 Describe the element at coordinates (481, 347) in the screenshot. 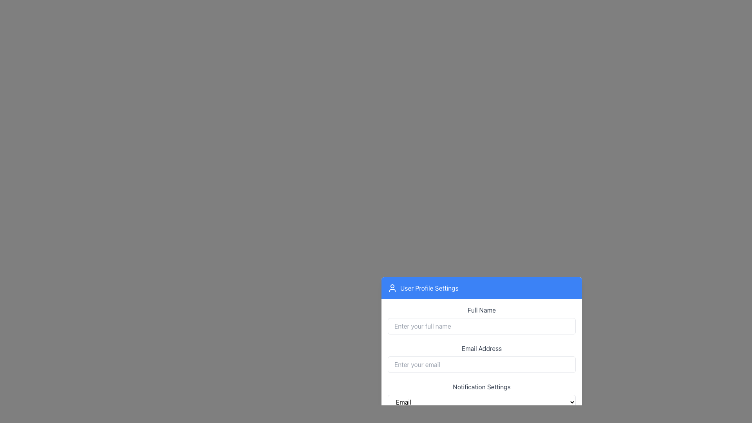

I see `the descriptive Text label for the email input field in the 'User Profile Settings' section, which is located above the input field with the placeholder 'Enter your email'` at that location.